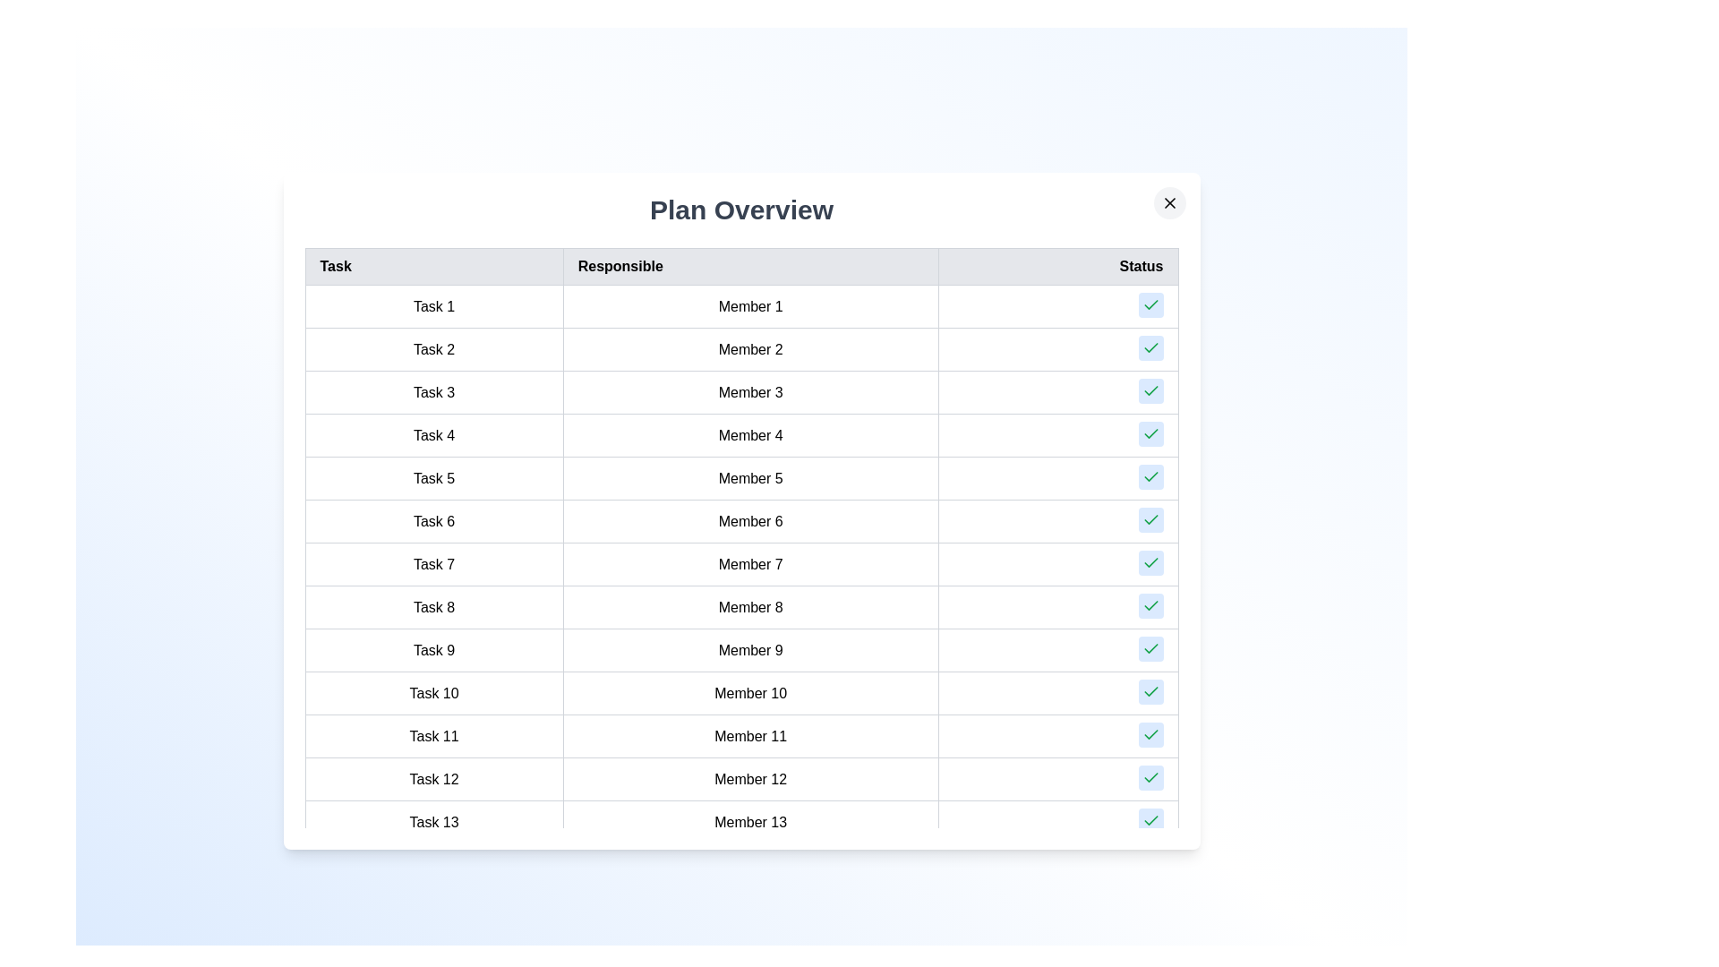  I want to click on the 'Check' button for task 13 to mark it as completed, so click(1150, 821).